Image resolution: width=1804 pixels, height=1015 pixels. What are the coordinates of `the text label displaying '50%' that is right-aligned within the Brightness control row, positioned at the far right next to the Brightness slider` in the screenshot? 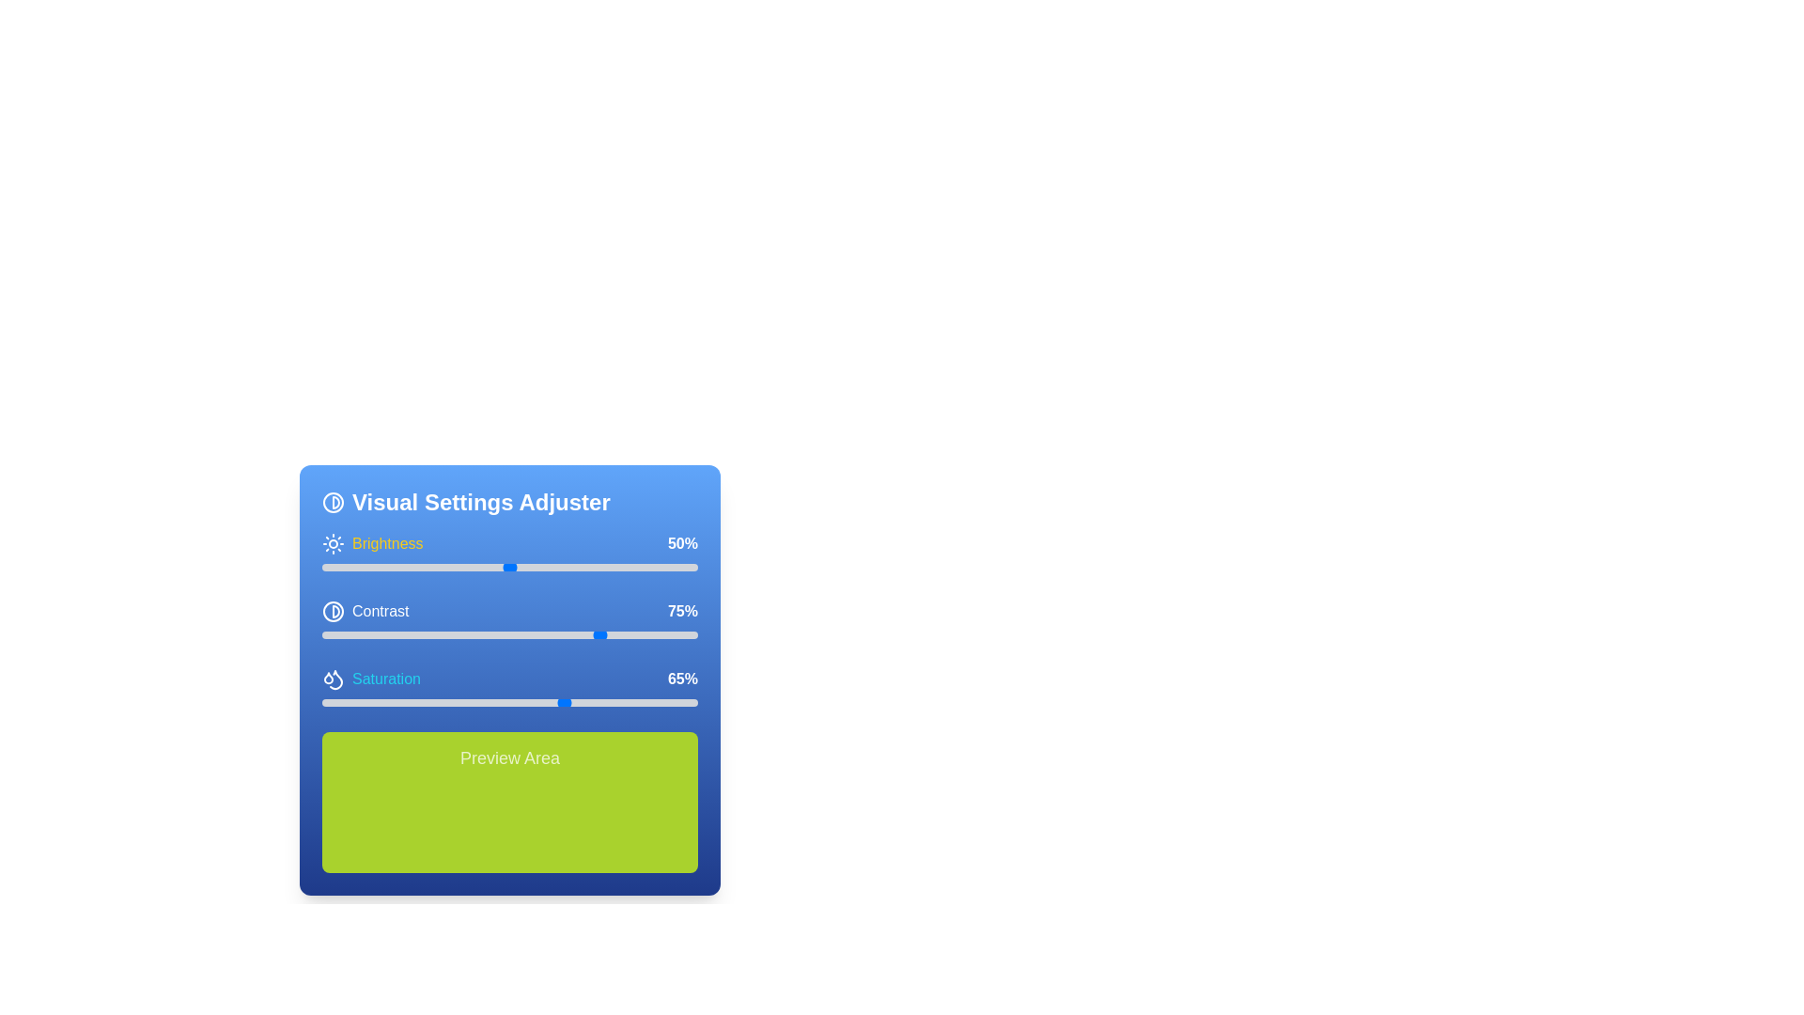 It's located at (678, 543).